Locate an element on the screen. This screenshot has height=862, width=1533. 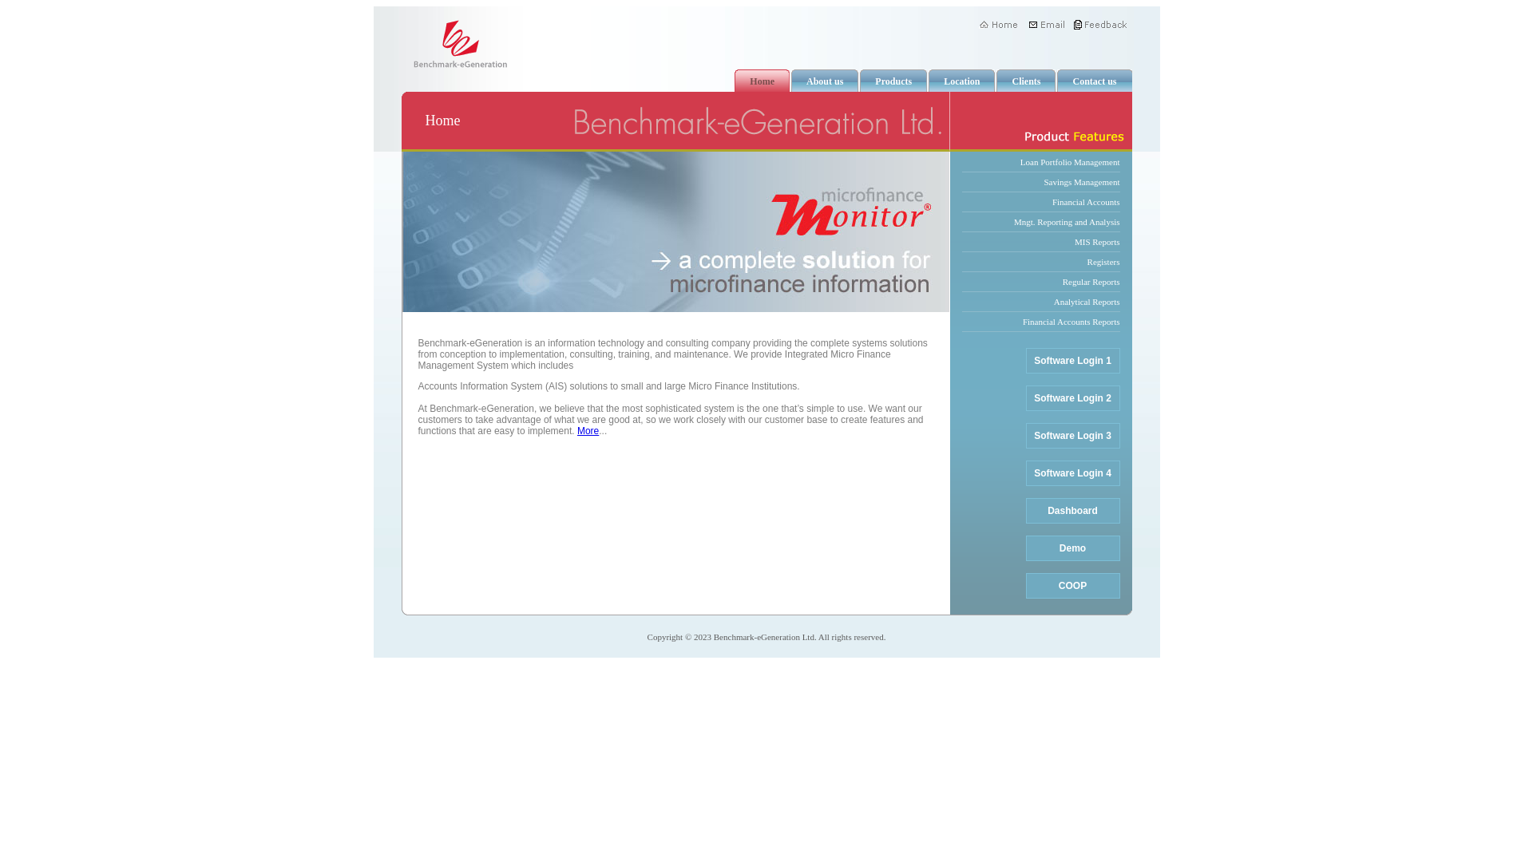
'Analytical Reports' is located at coordinates (1040, 302).